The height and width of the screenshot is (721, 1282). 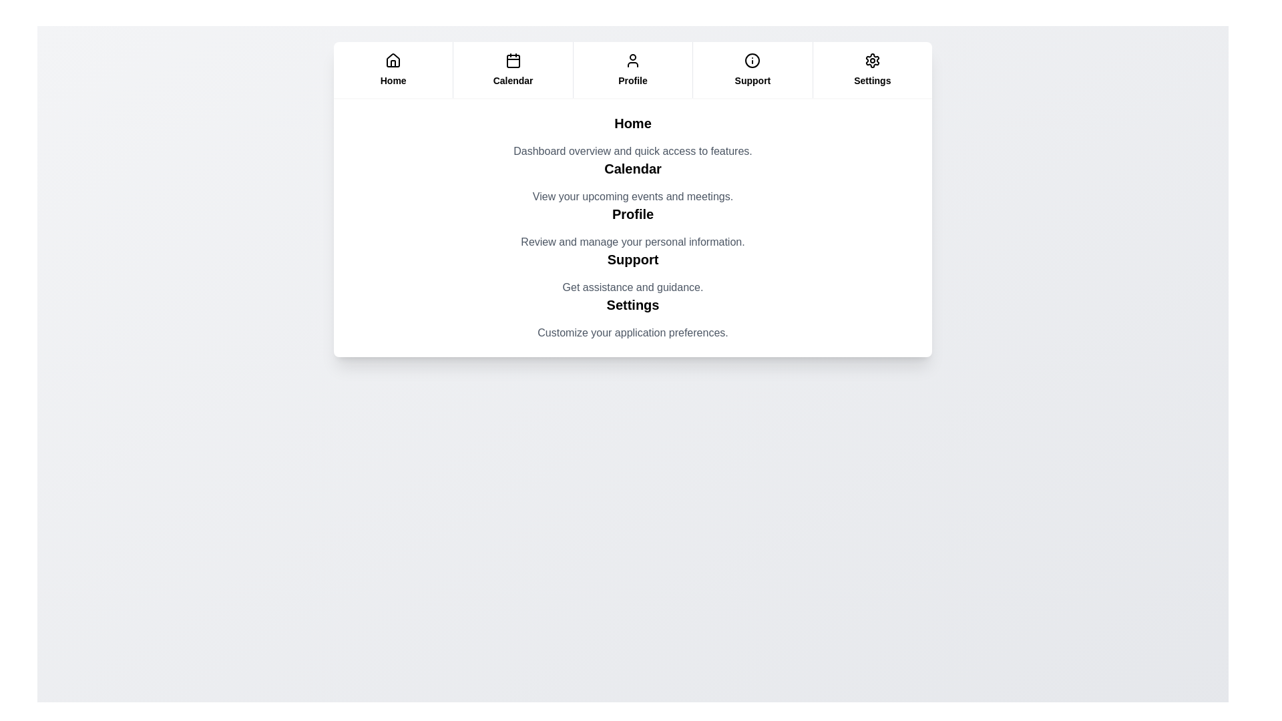 What do you see at coordinates (632, 124) in the screenshot?
I see `the 'Home' text element, which is bold and large, located at the top of the content area beneath the navigation bar` at bounding box center [632, 124].